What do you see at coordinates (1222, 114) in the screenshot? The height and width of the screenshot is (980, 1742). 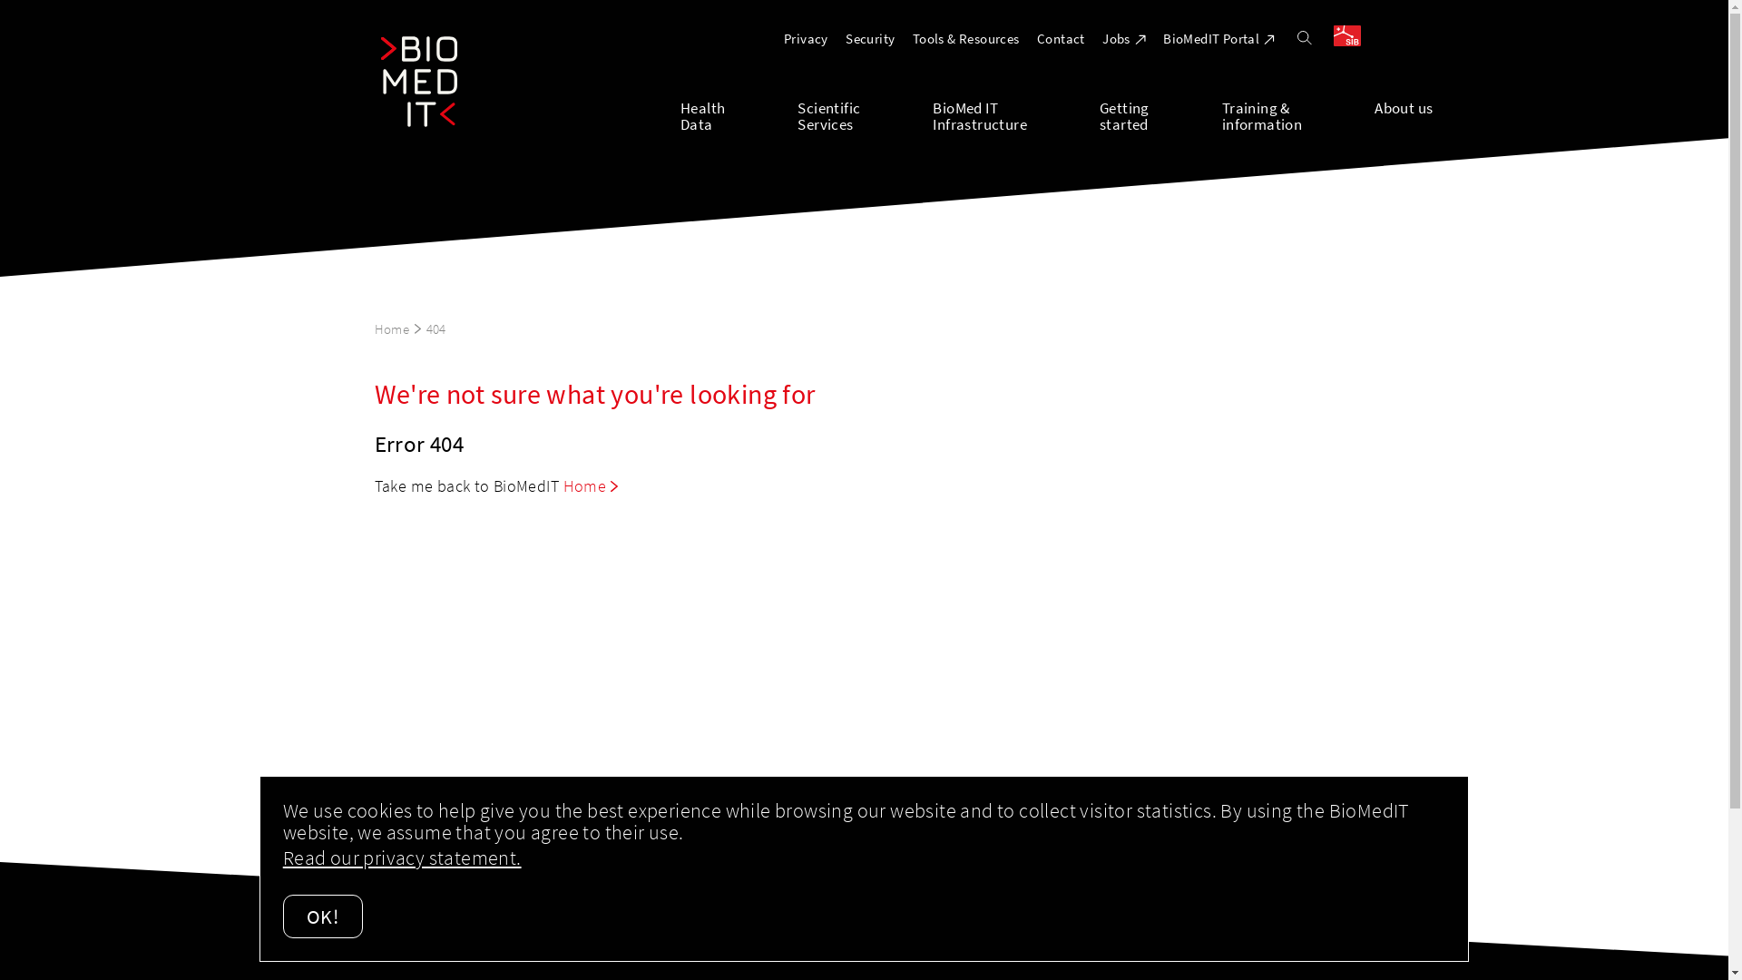 I see `'Training & information'` at bounding box center [1222, 114].